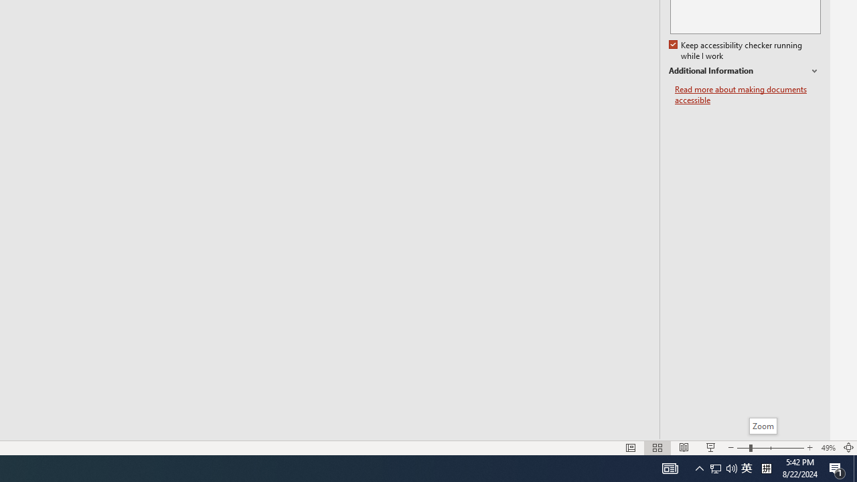 This screenshot has height=482, width=857. Describe the element at coordinates (828, 448) in the screenshot. I see `'Zoom 49%'` at that location.